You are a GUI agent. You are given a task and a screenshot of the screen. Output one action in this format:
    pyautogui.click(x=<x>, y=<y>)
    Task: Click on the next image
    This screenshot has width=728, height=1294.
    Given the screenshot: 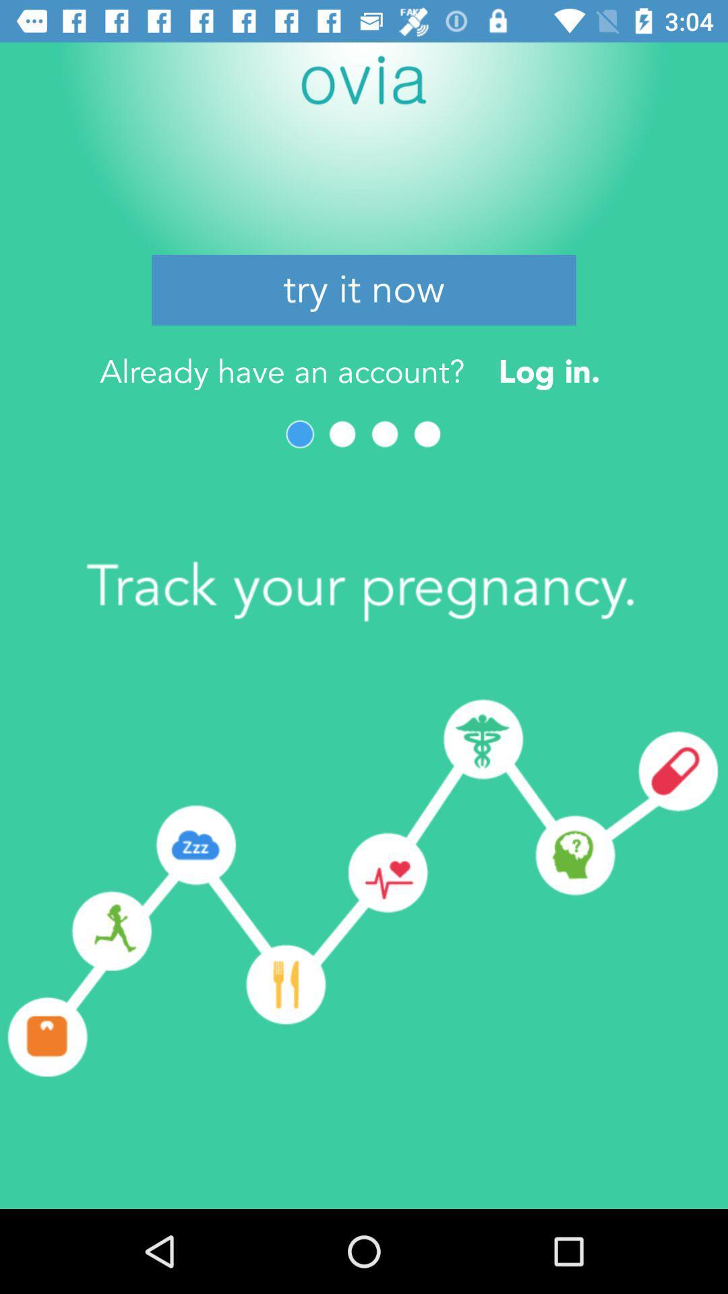 What is the action you would take?
    pyautogui.click(x=342, y=434)
    